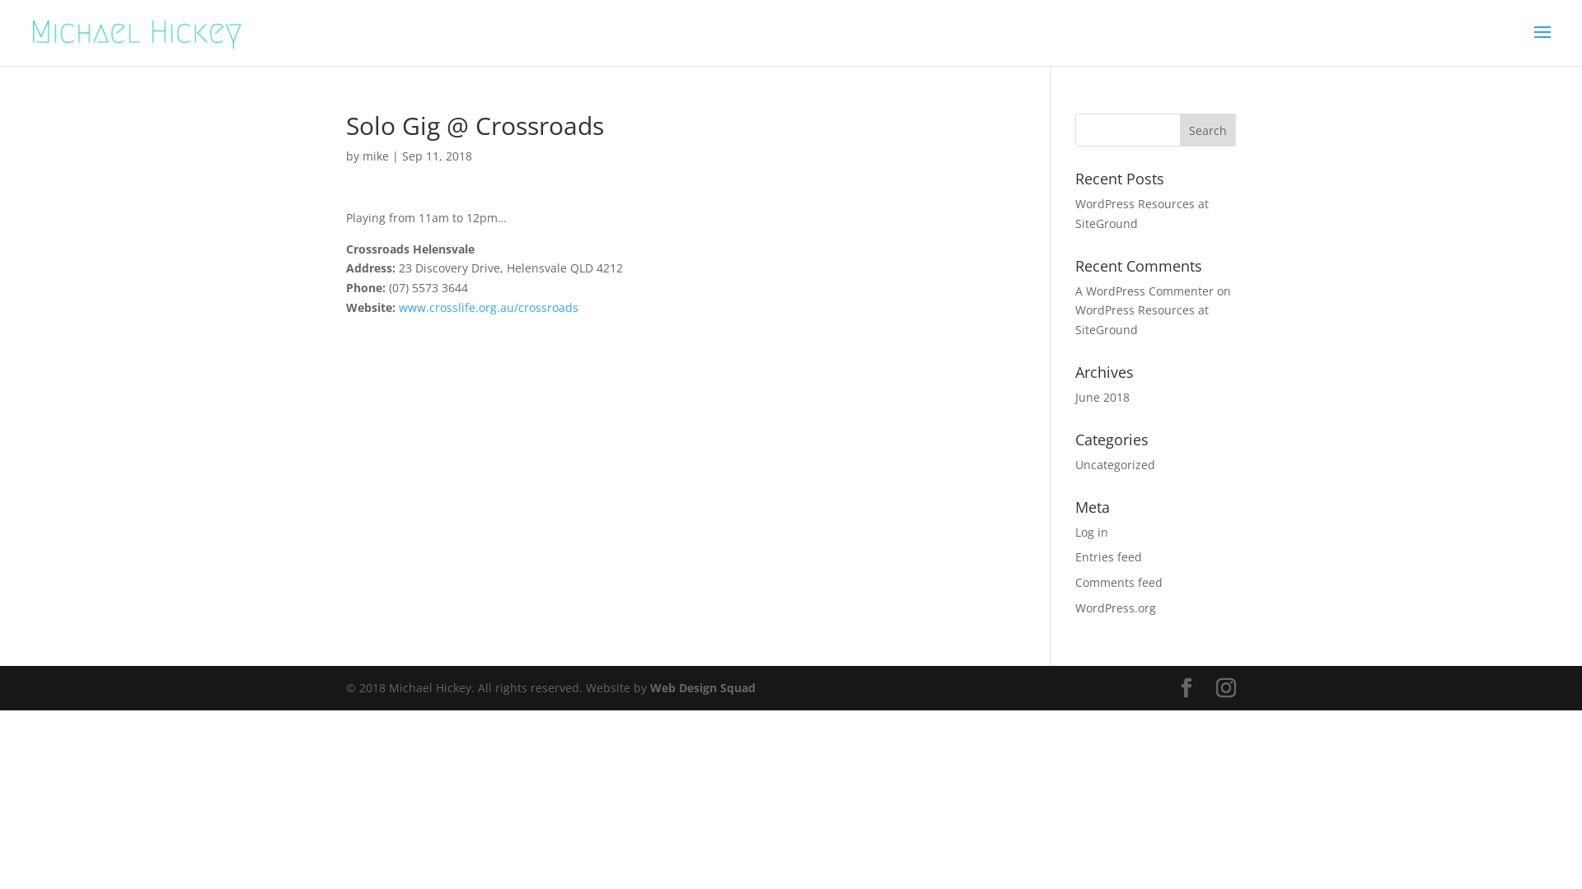  What do you see at coordinates (1102, 397) in the screenshot?
I see `'June 2018'` at bounding box center [1102, 397].